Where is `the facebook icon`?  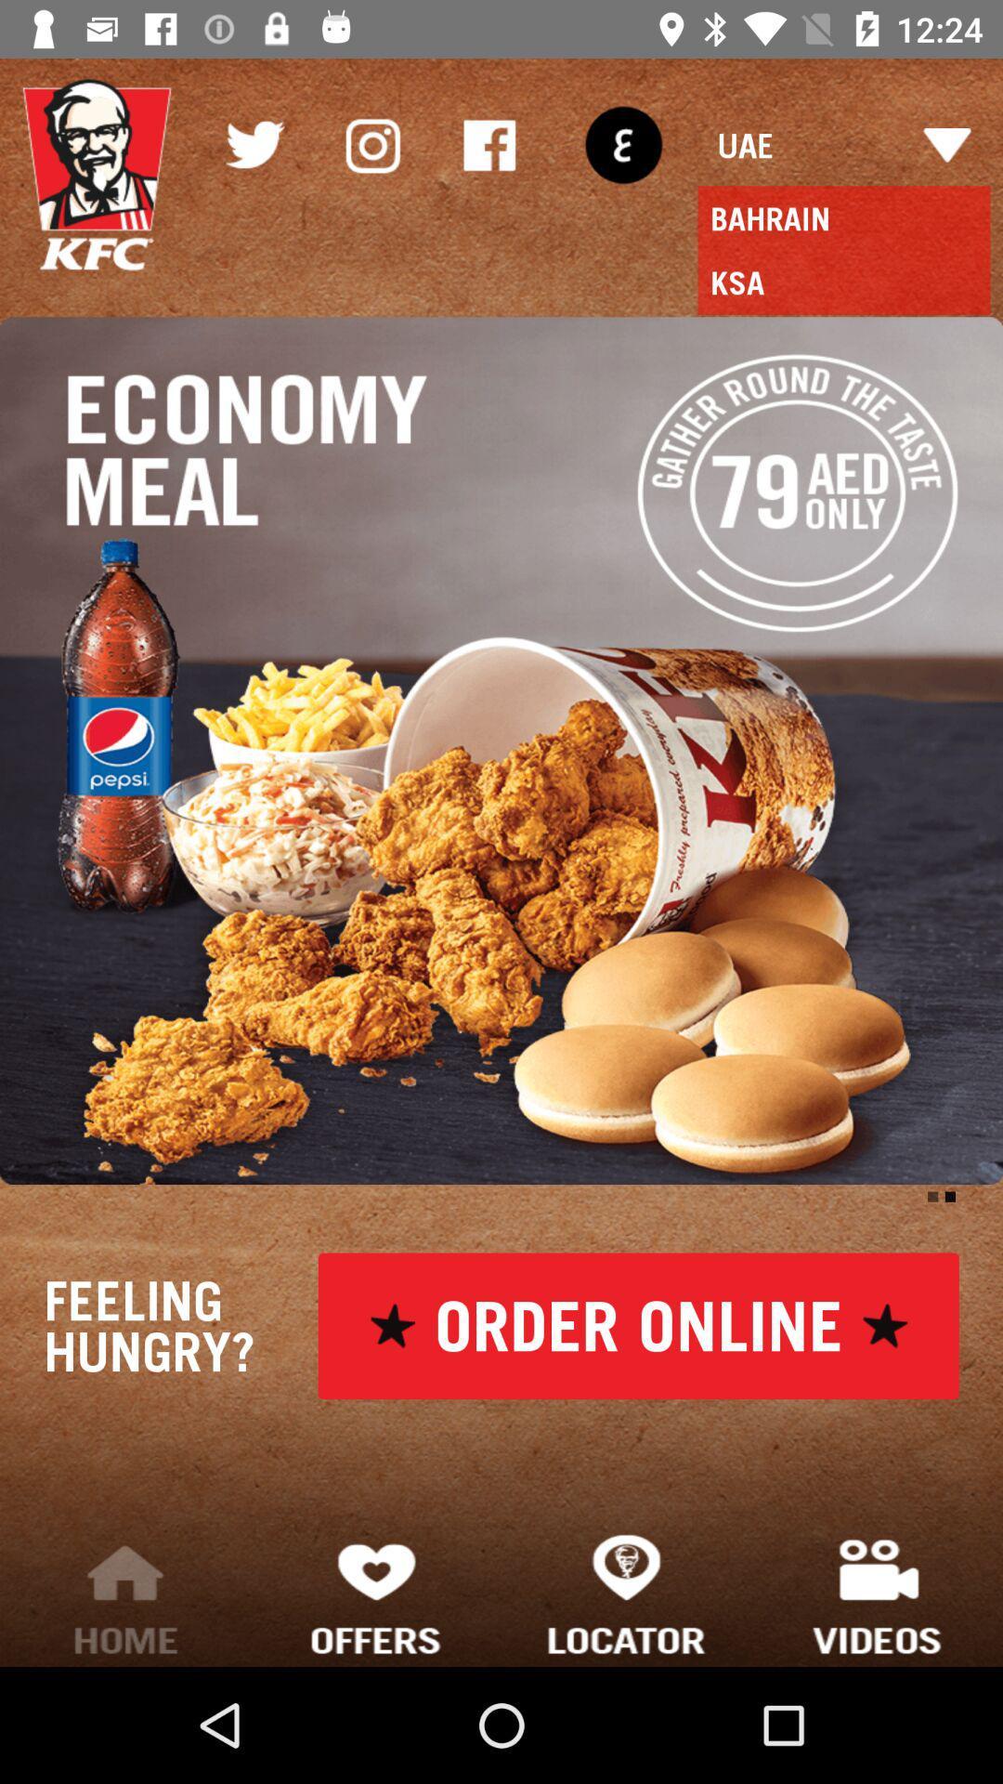
the facebook icon is located at coordinates (488, 144).